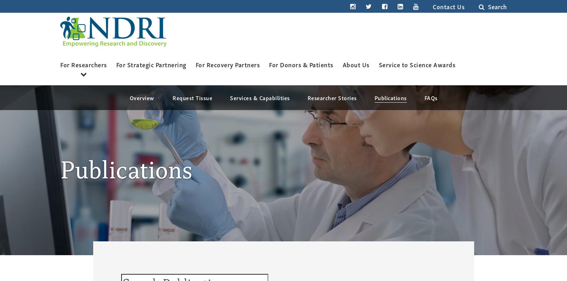  Describe the element at coordinates (331, 97) in the screenshot. I see `'Researcher Stories'` at that location.